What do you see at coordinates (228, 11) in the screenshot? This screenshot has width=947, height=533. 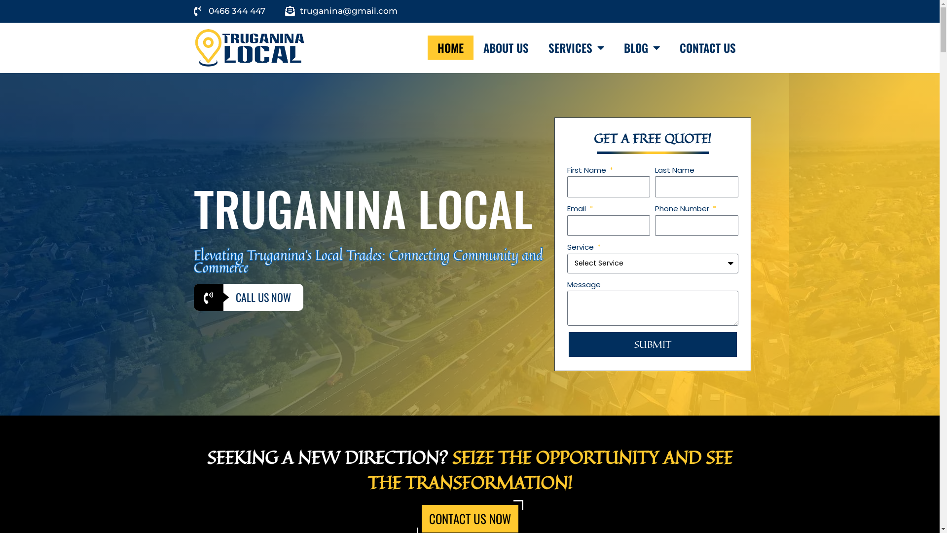 I see `'0466 344 447'` at bounding box center [228, 11].